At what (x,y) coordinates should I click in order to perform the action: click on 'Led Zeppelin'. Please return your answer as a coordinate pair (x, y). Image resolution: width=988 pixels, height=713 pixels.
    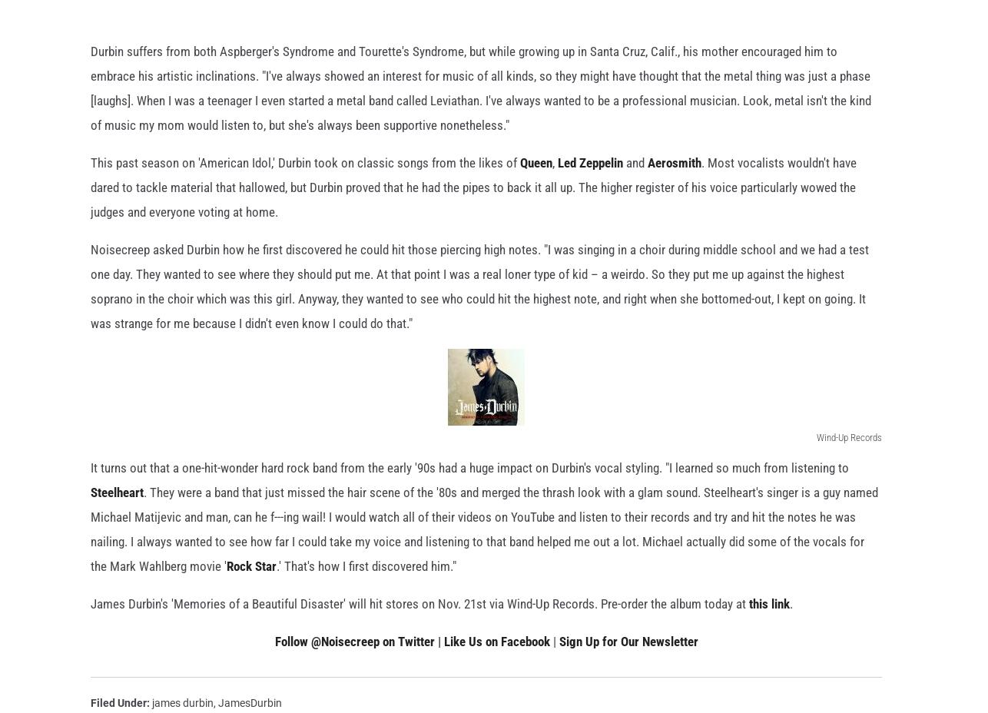
    Looking at the image, I should click on (557, 186).